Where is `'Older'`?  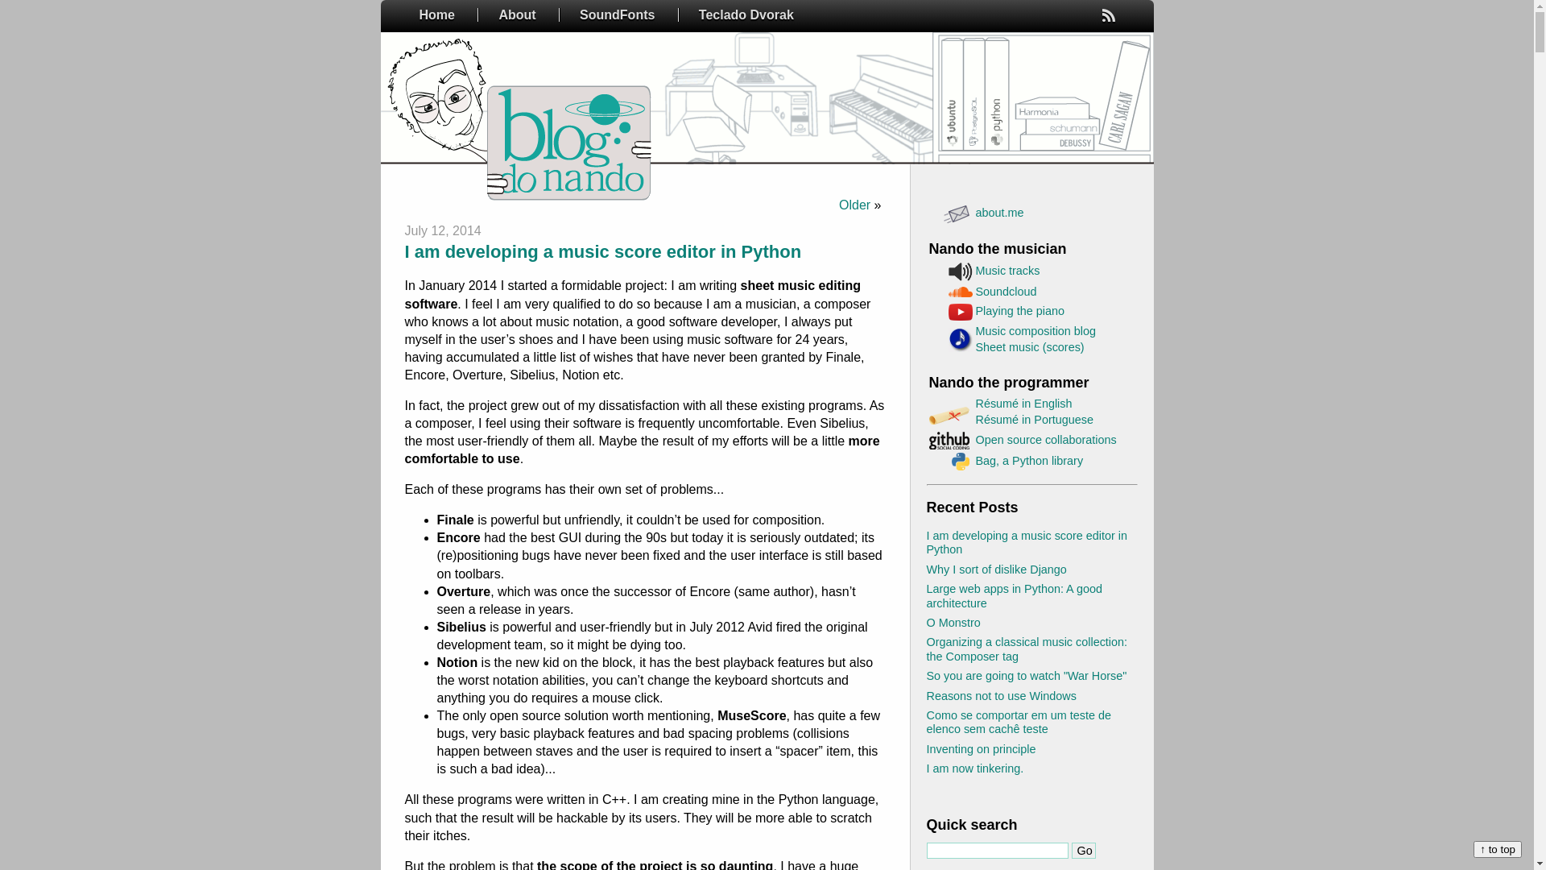
'Older' is located at coordinates (854, 204).